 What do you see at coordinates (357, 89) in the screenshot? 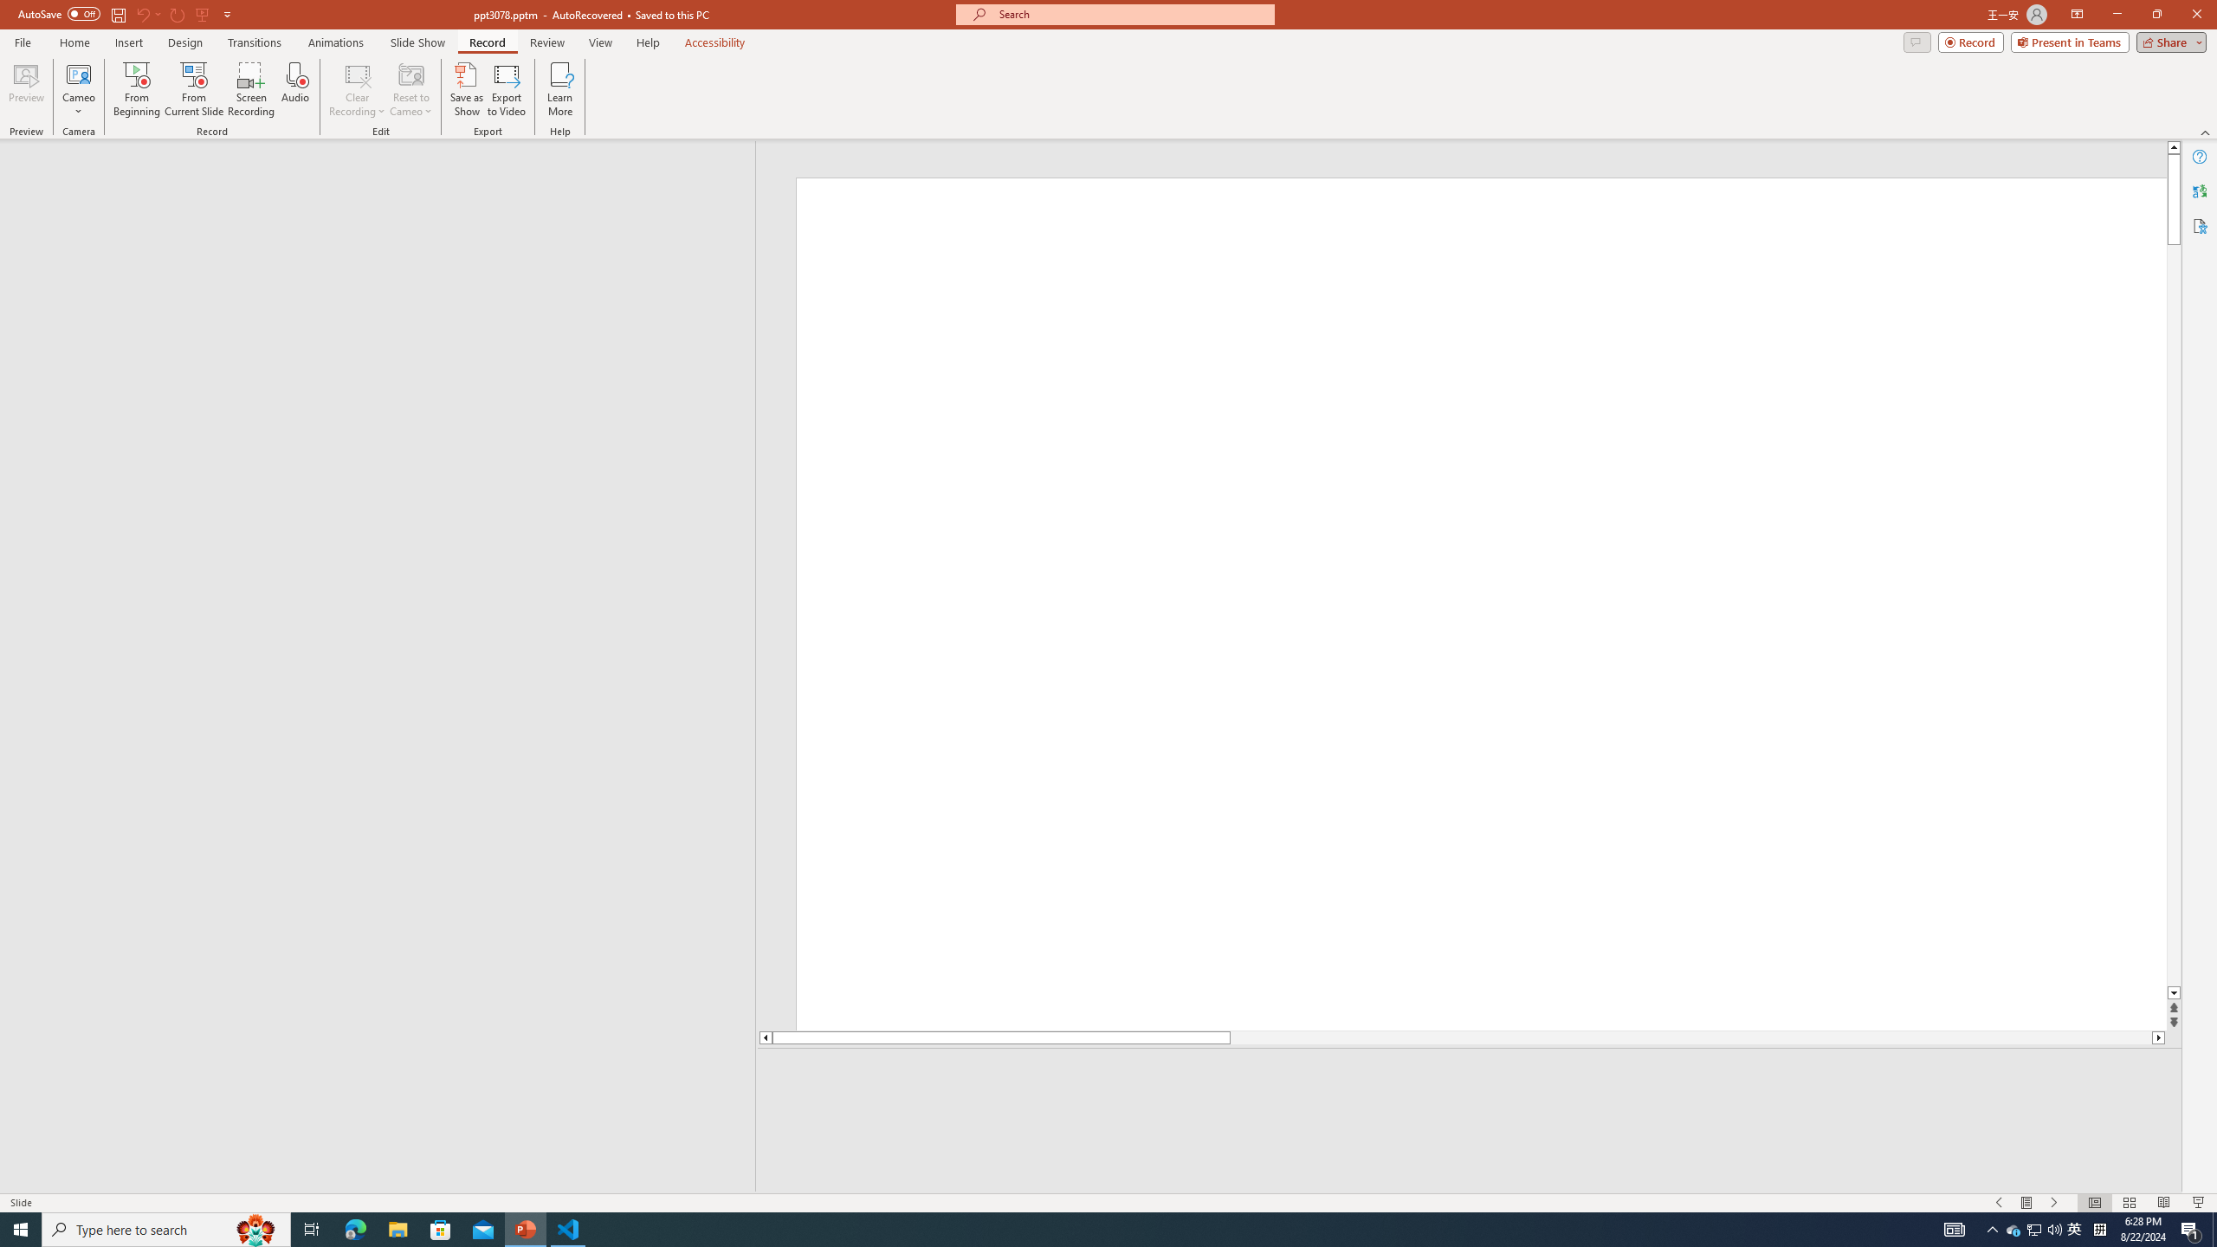
I see `'Clear Recording'` at bounding box center [357, 89].